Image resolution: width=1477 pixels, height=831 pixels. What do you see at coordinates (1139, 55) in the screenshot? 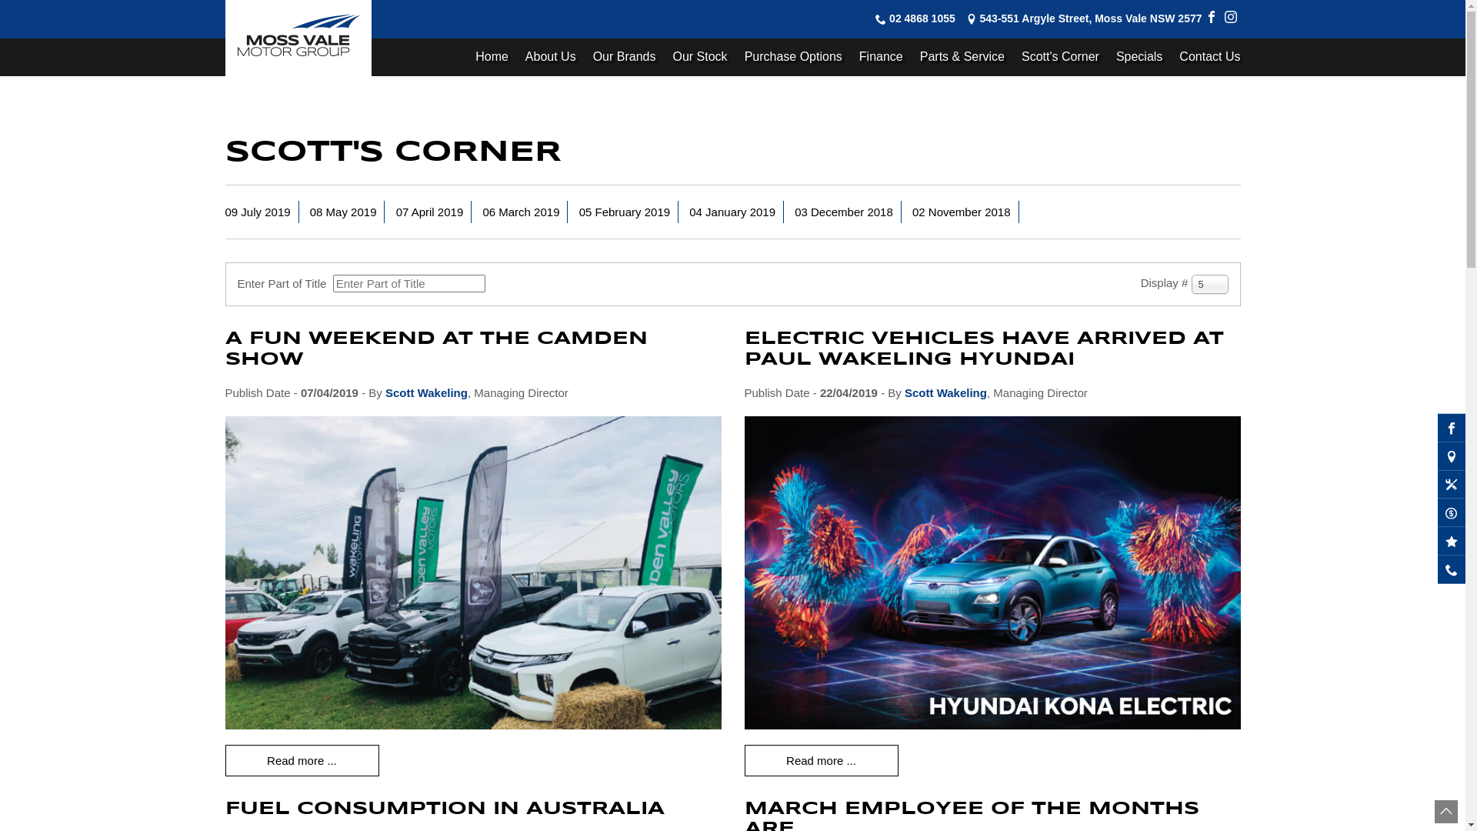
I see `'Specials'` at bounding box center [1139, 55].